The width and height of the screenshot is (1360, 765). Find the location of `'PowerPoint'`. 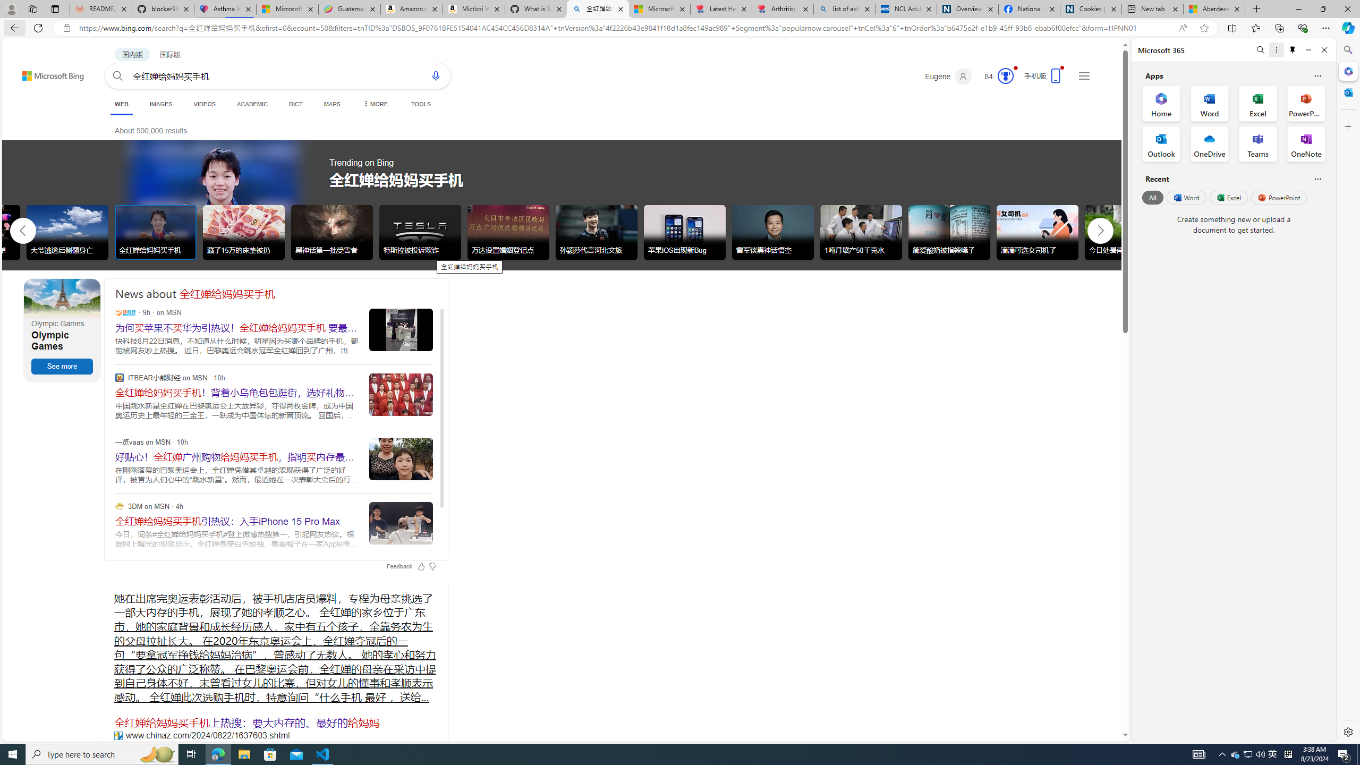

'PowerPoint' is located at coordinates (1278, 197).